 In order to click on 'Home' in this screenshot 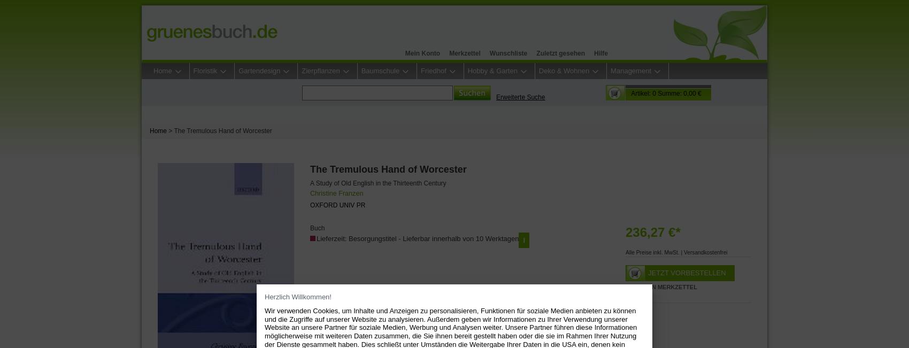, I will do `click(149, 130)`.